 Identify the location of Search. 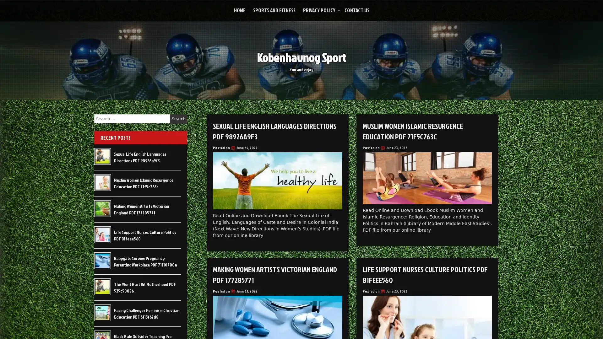
(178, 119).